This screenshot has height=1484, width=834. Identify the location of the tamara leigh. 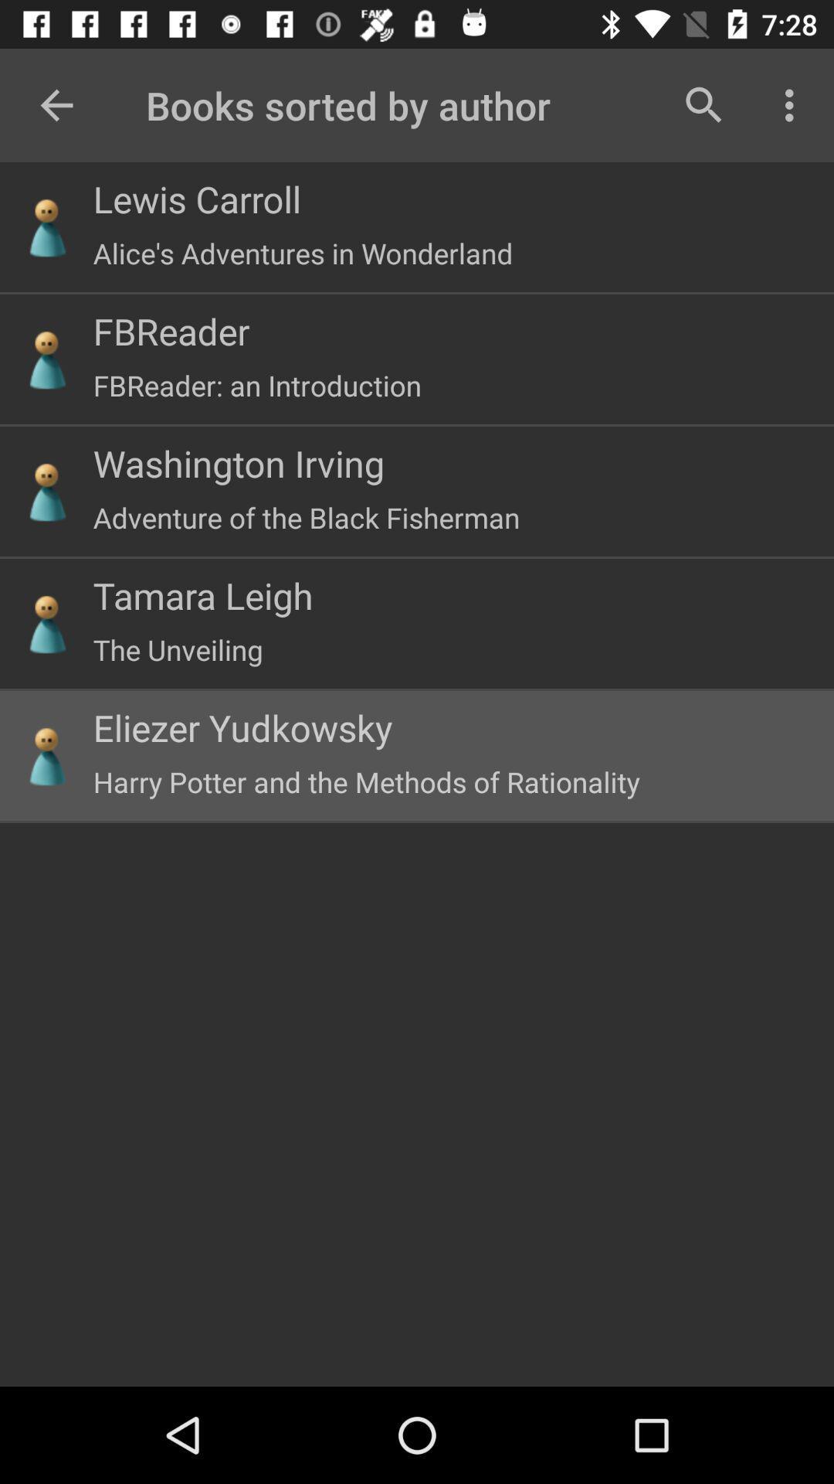
(202, 594).